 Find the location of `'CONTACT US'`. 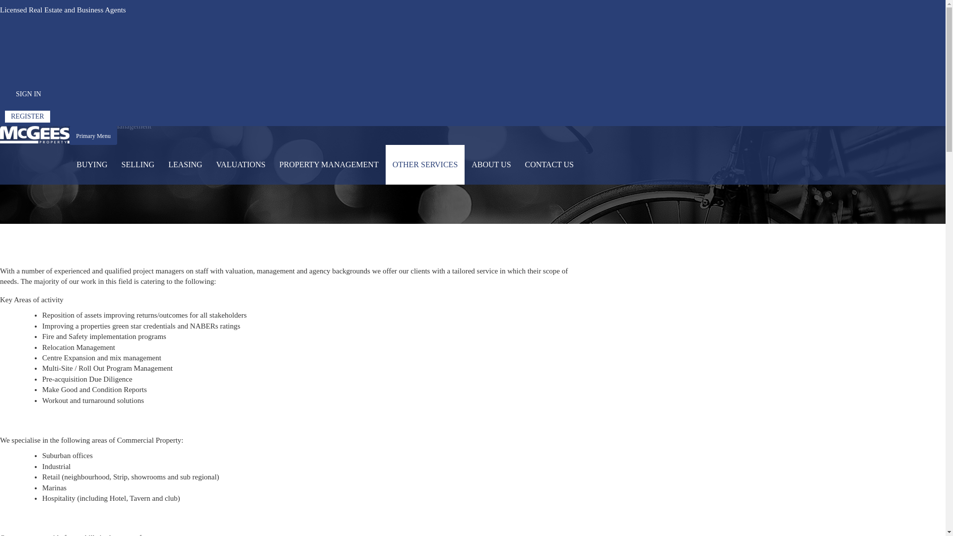

'CONTACT US' is located at coordinates (549, 164).